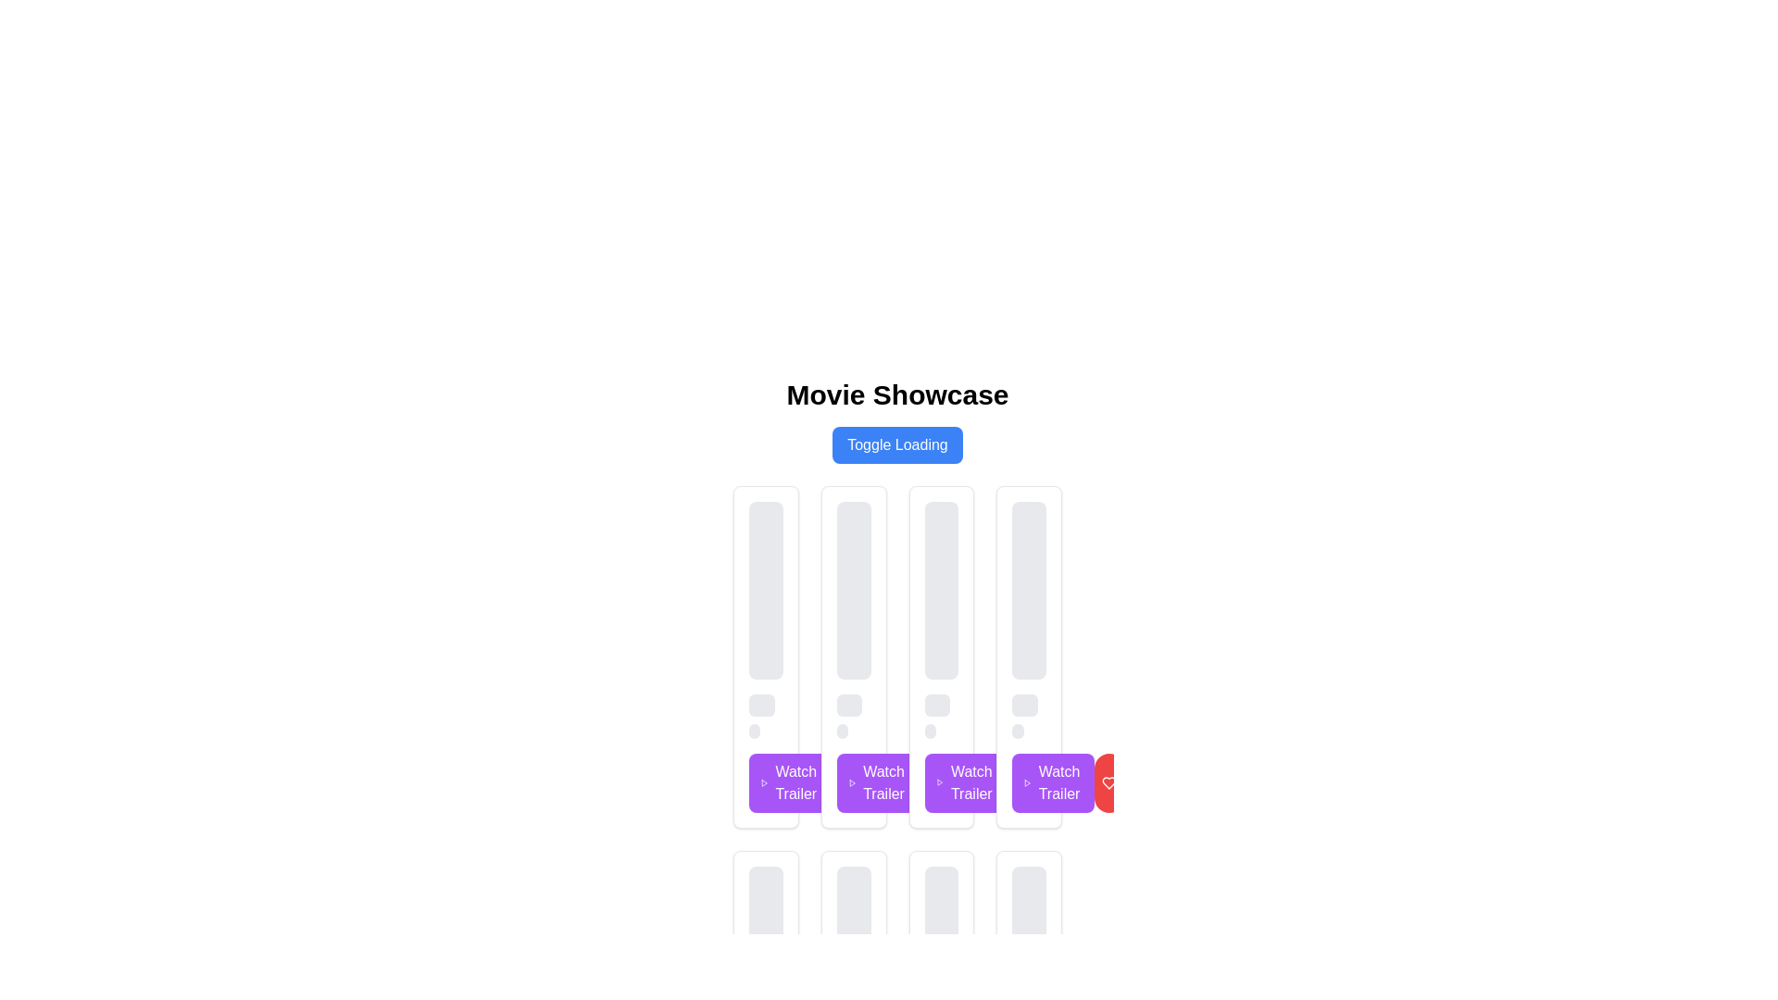  I want to click on the purple 'Watch Trailer' button with rounded edges located in the third column of actions at the bottom of the movie showcase card to initiate trailer playback, so click(852, 782).